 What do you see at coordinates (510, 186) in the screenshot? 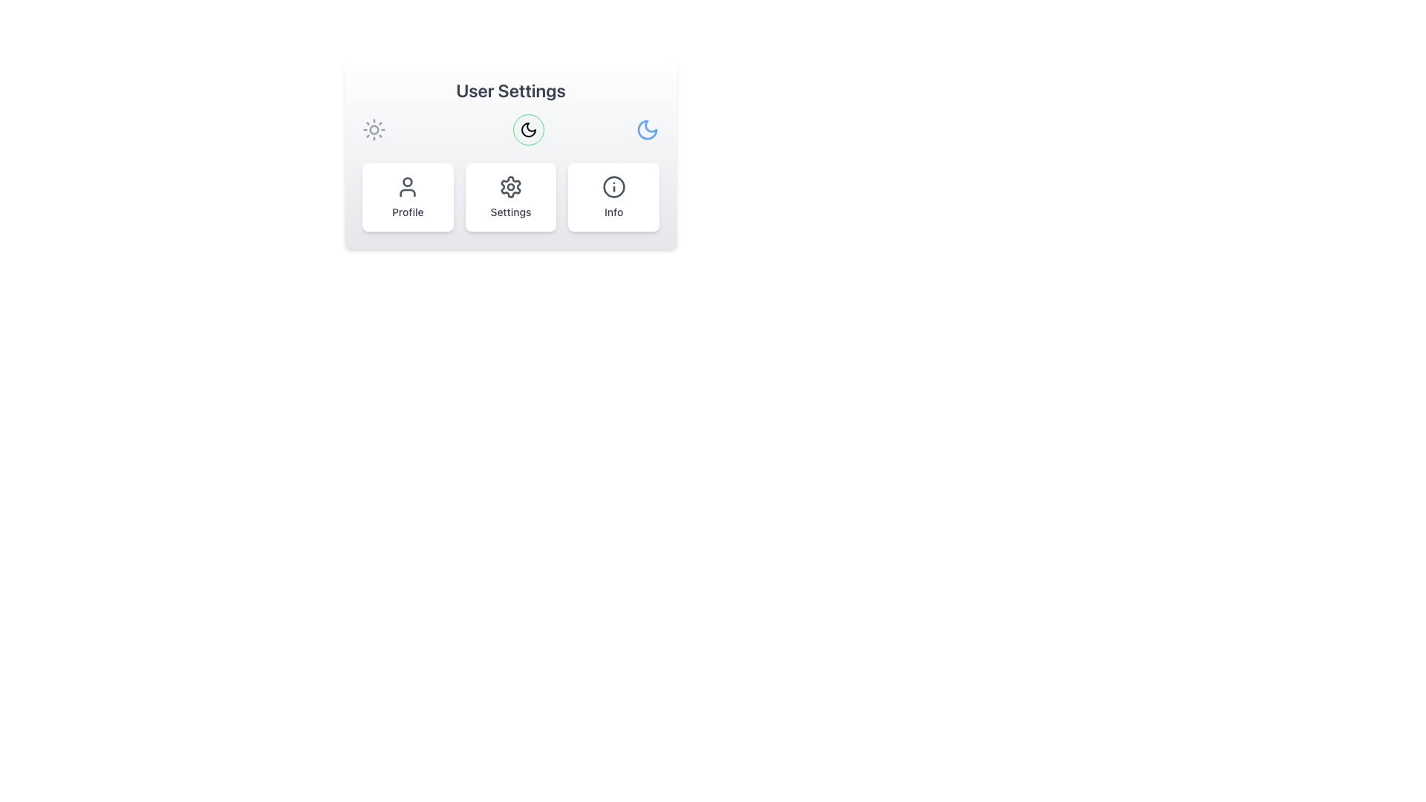
I see `the gear-shaped icon within the 'Settings' card that represents configurations` at bounding box center [510, 186].